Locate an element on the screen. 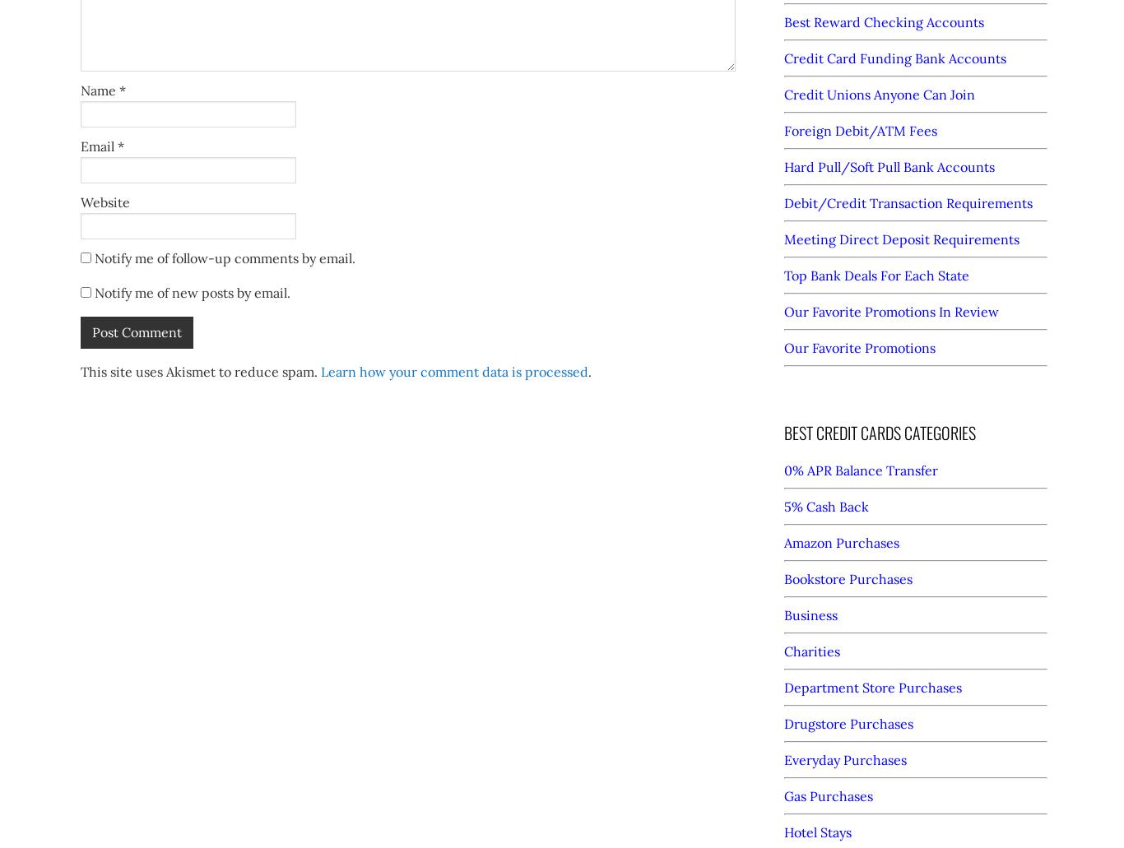 This screenshot has width=1124, height=848. 'Credit Unions Anyone Can Join' is located at coordinates (879, 93).